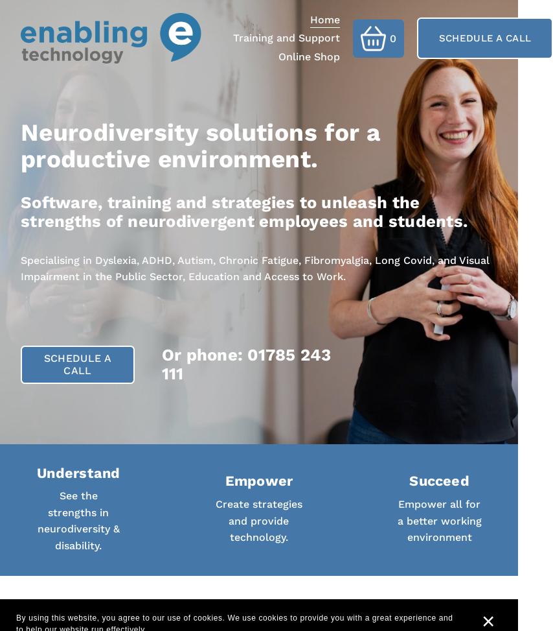 The height and width of the screenshot is (631, 553). What do you see at coordinates (79, 520) in the screenshot?
I see `'See the strengths in neurodiversity & disability.'` at bounding box center [79, 520].